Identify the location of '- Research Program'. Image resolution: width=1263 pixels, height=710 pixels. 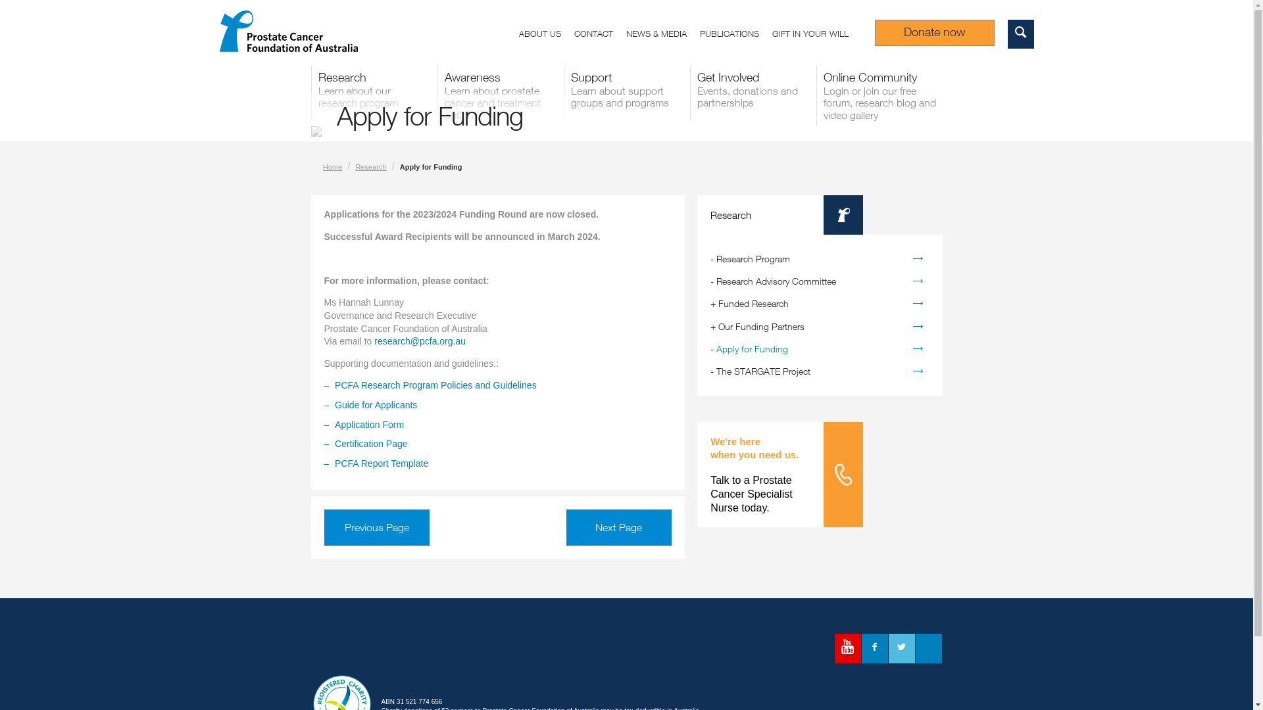
(819, 258).